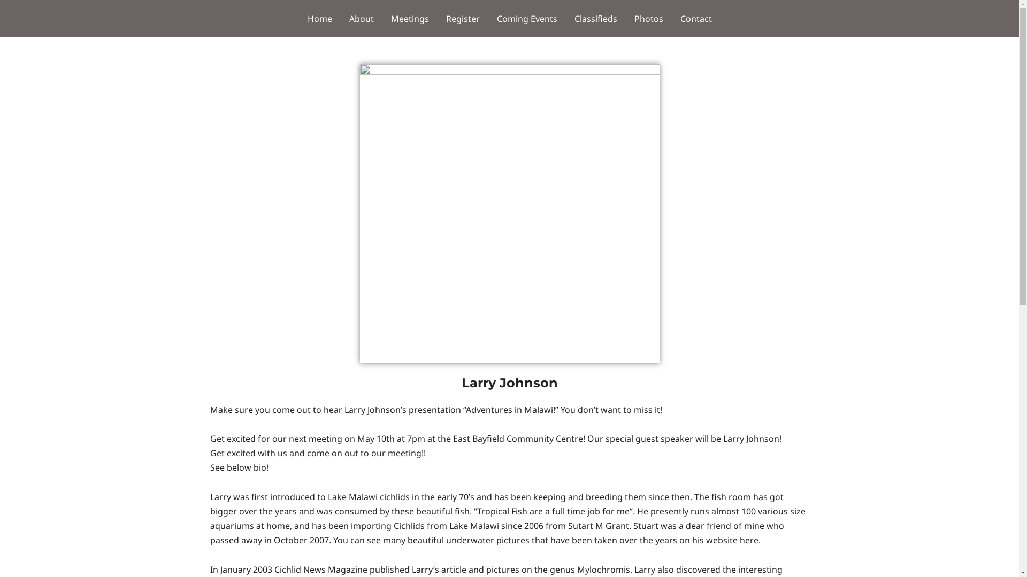 This screenshot has width=1027, height=577. I want to click on 'Home', so click(318, 18).